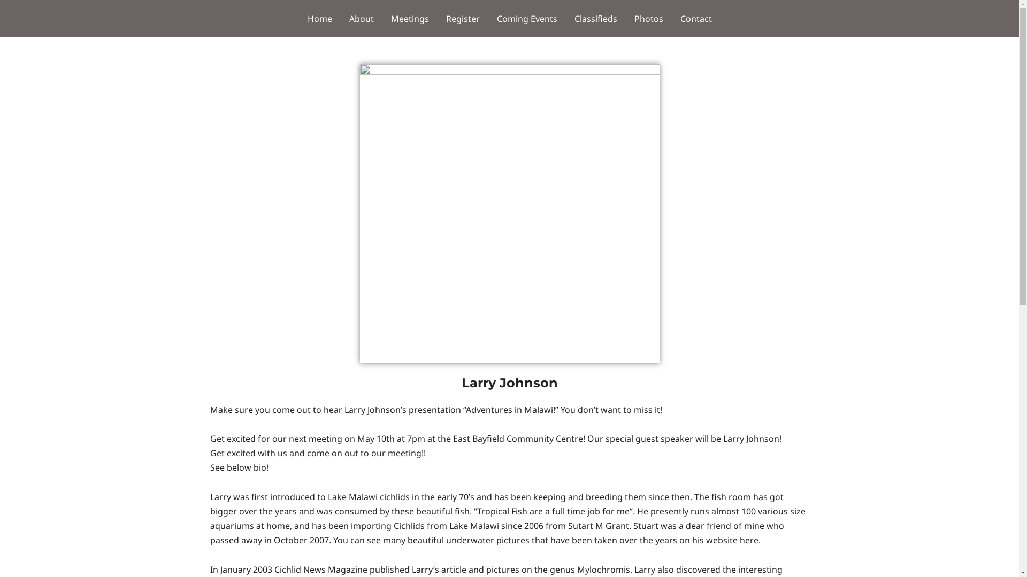 This screenshot has width=1027, height=577. I want to click on 'Home', so click(318, 18).